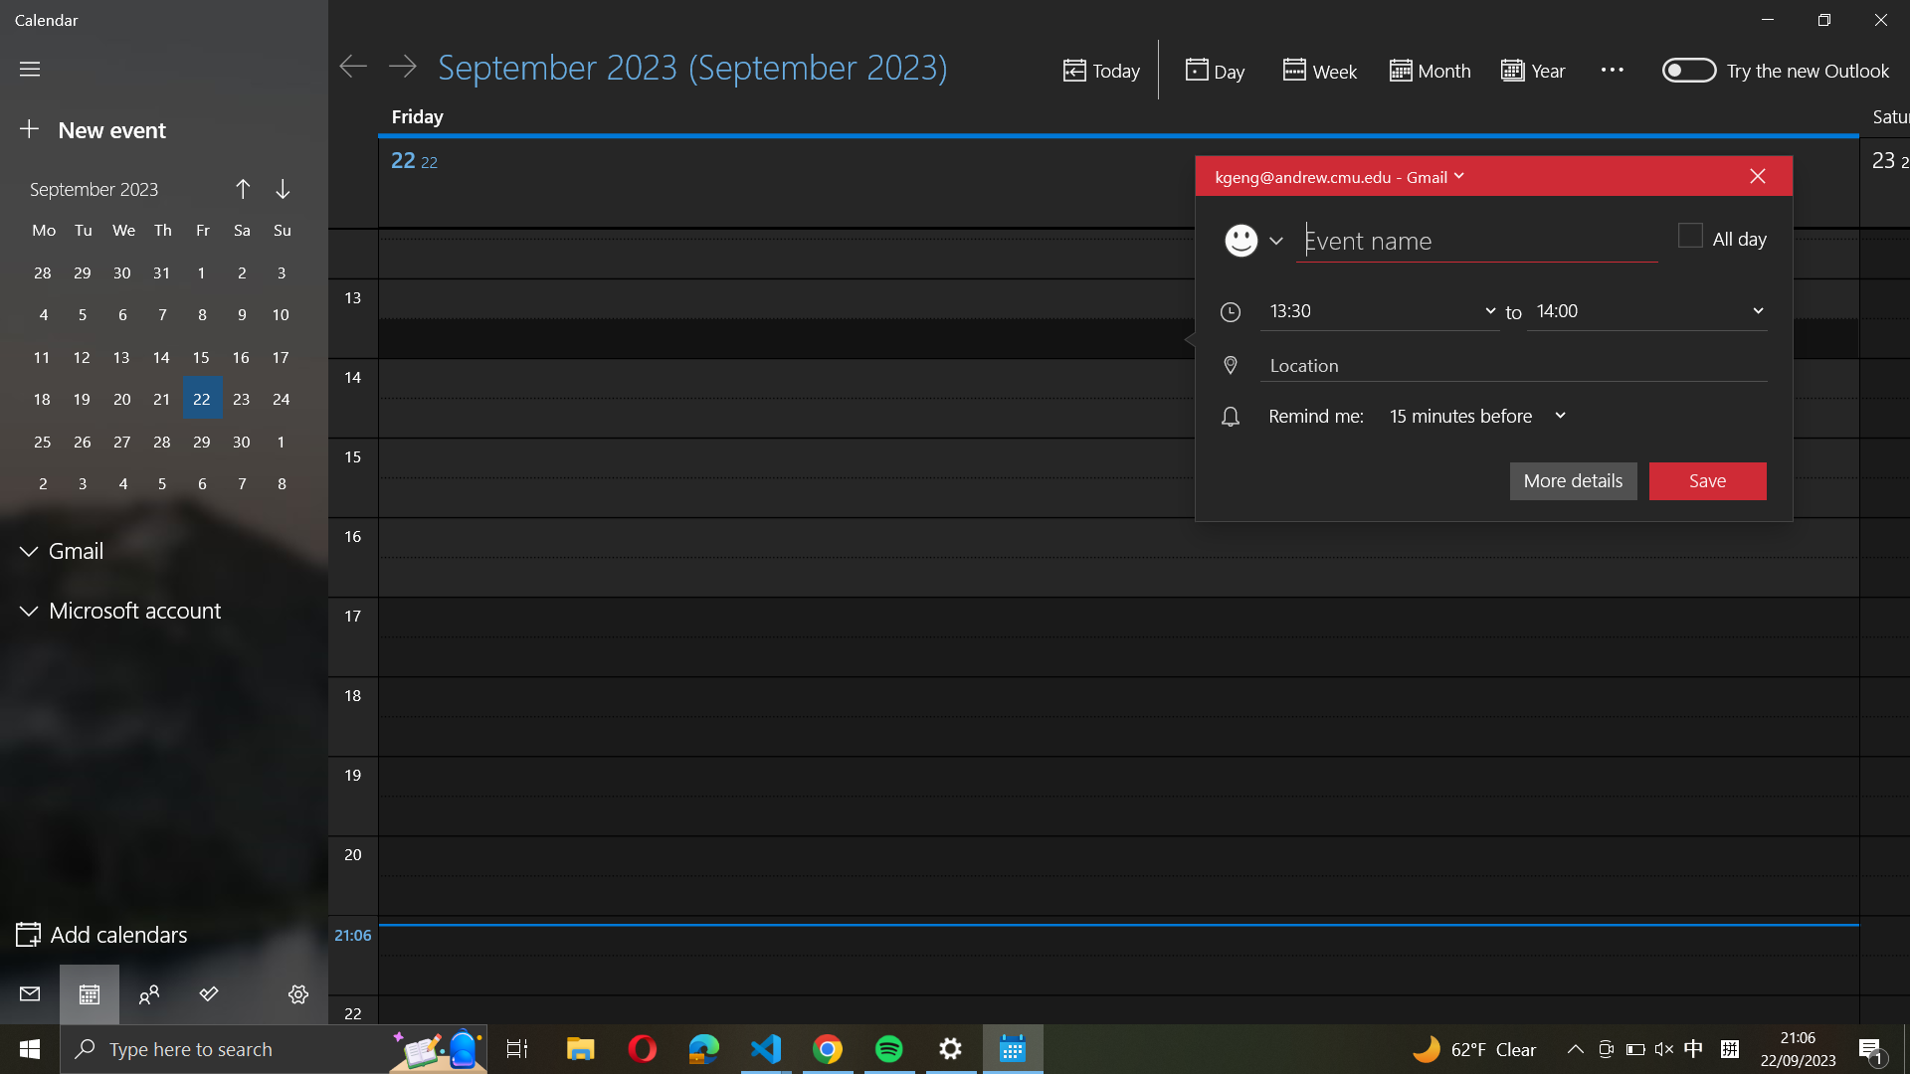  What do you see at coordinates (1469, 416) in the screenshot?
I see `the event to remind 30 minutes in advance` at bounding box center [1469, 416].